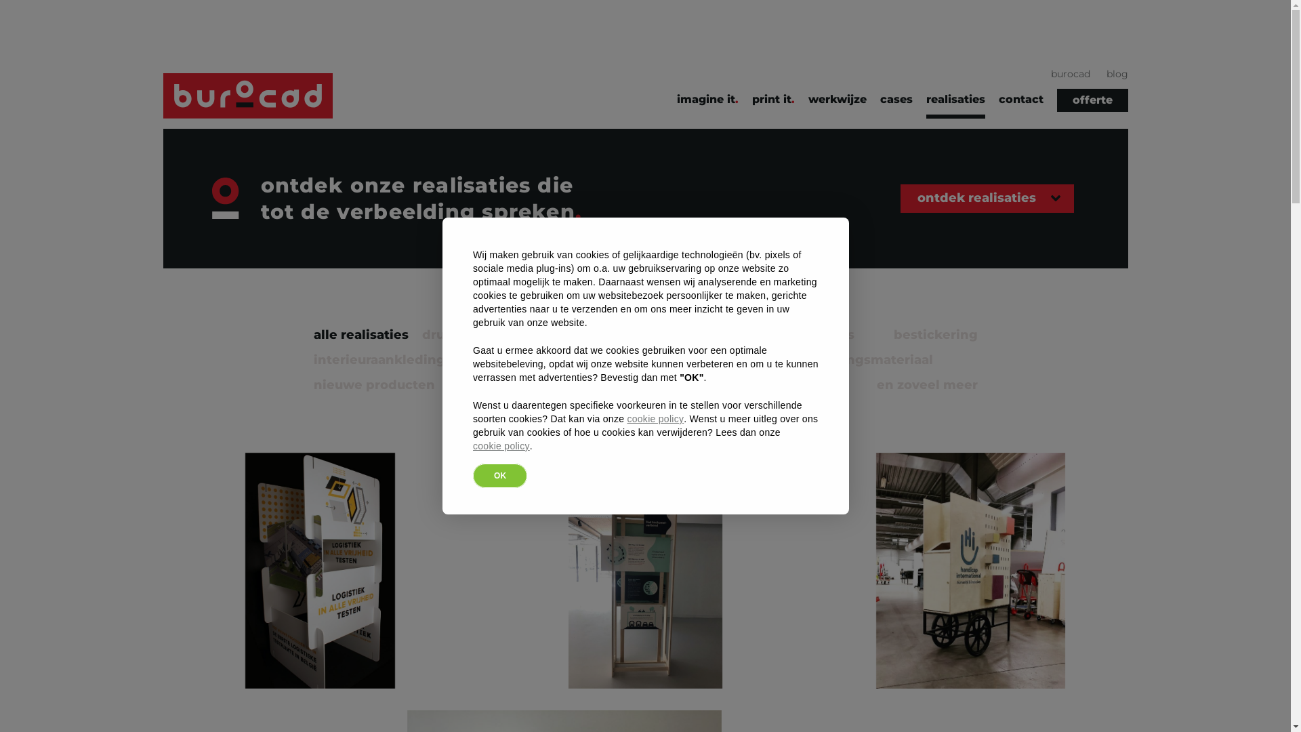 The width and height of the screenshot is (1301, 732). What do you see at coordinates (247, 95) in the screenshot?
I see `'Burocad'` at bounding box center [247, 95].